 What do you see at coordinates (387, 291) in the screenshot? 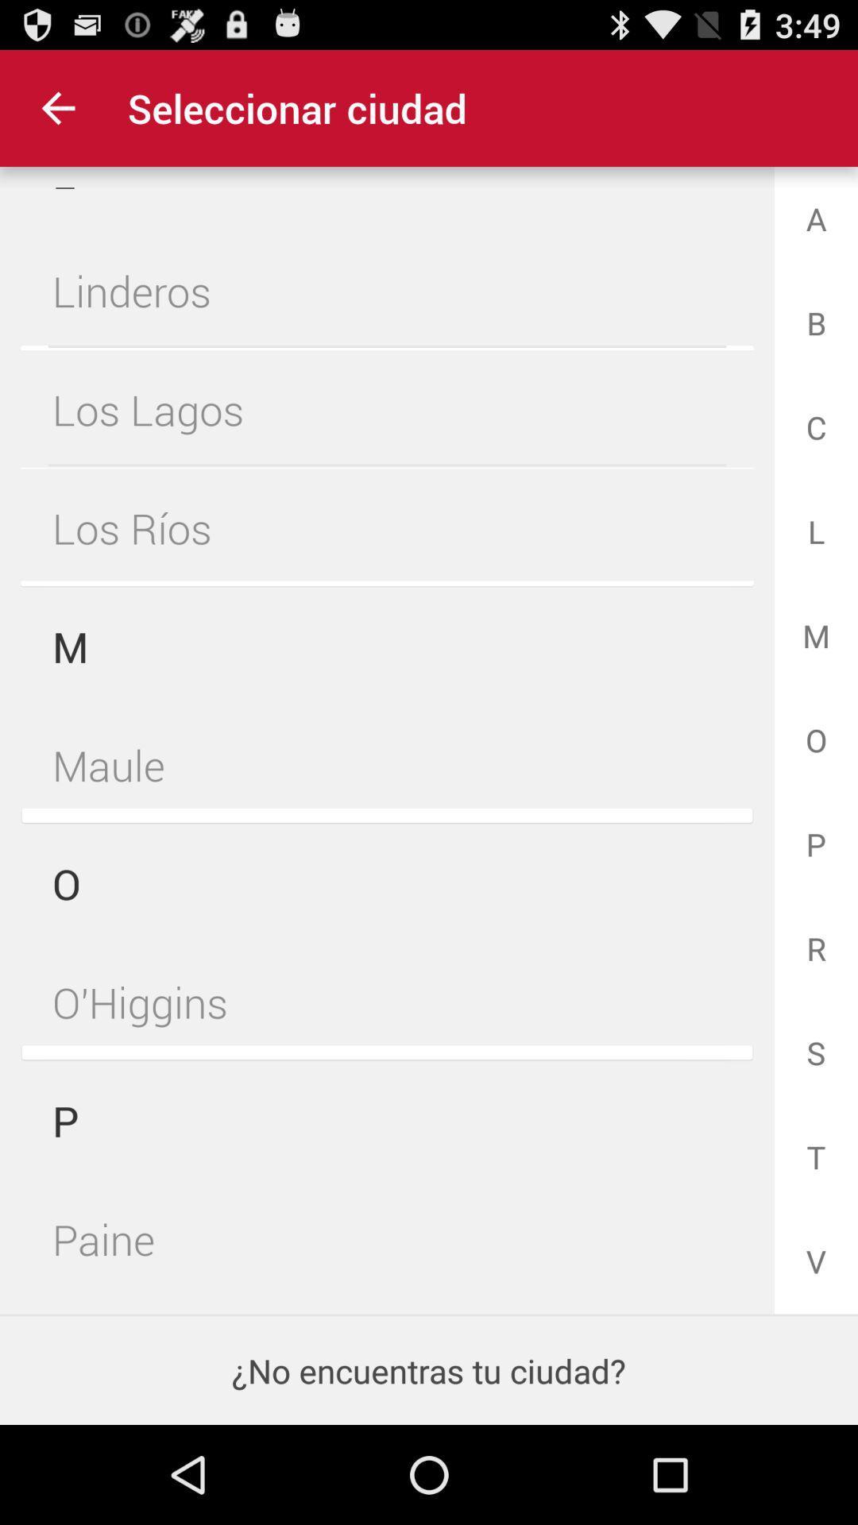
I see `linderos` at bounding box center [387, 291].